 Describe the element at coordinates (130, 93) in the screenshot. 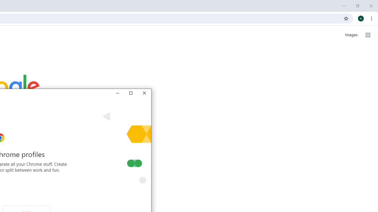

I see `'Maximize'` at that location.